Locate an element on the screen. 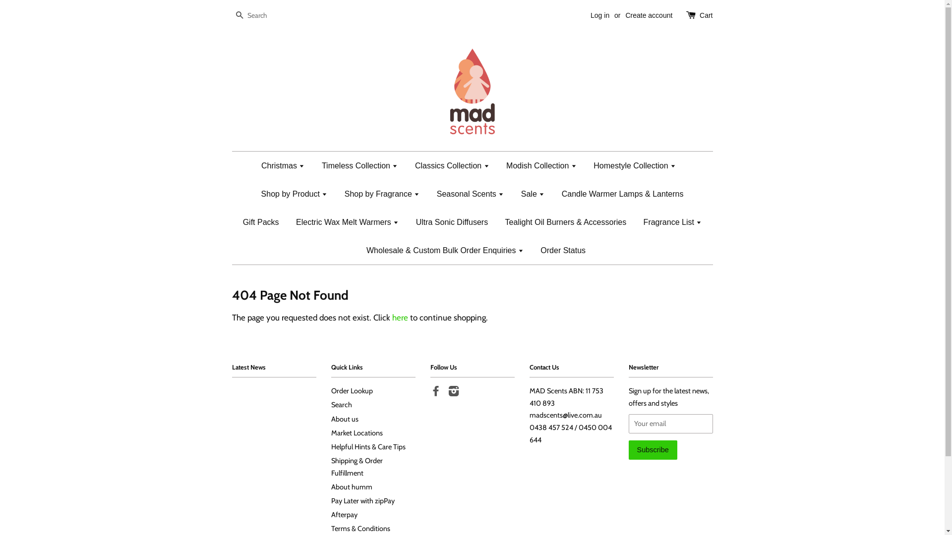 The height and width of the screenshot is (535, 952). 'Tealight Oil Burners & Accessories' is located at coordinates (566, 221).